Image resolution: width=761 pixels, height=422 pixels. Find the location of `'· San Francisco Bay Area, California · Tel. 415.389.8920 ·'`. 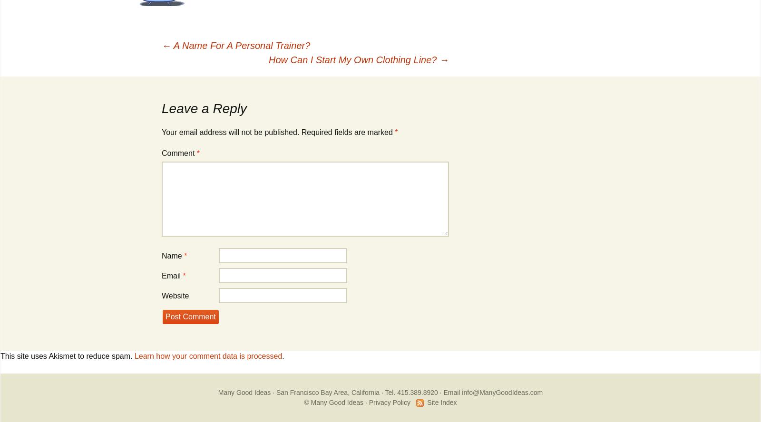

'· San Francisco Bay Area, California · Tel. 415.389.8920 ·' is located at coordinates (270, 393).